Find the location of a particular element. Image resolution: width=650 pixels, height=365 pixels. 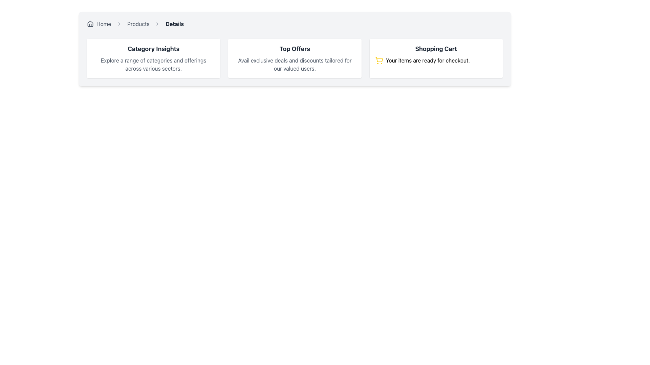

the home icon in the breadcrumb navigation bar is located at coordinates (90, 23).